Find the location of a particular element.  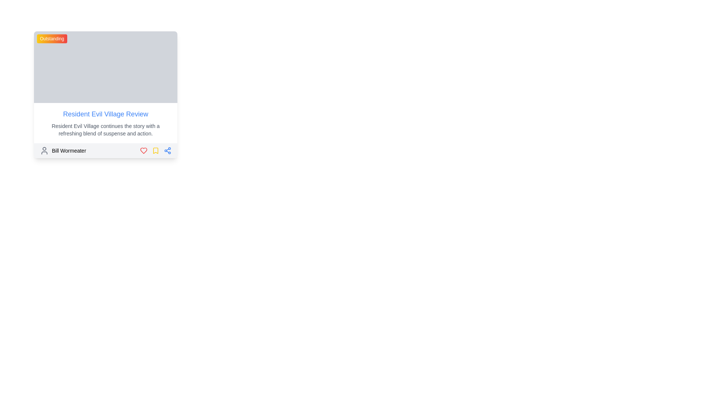

the text link that navigates to the detailed review of 'Resident Evil Village', located in the middle of the card structure near the top of the text block is located at coordinates (105, 114).